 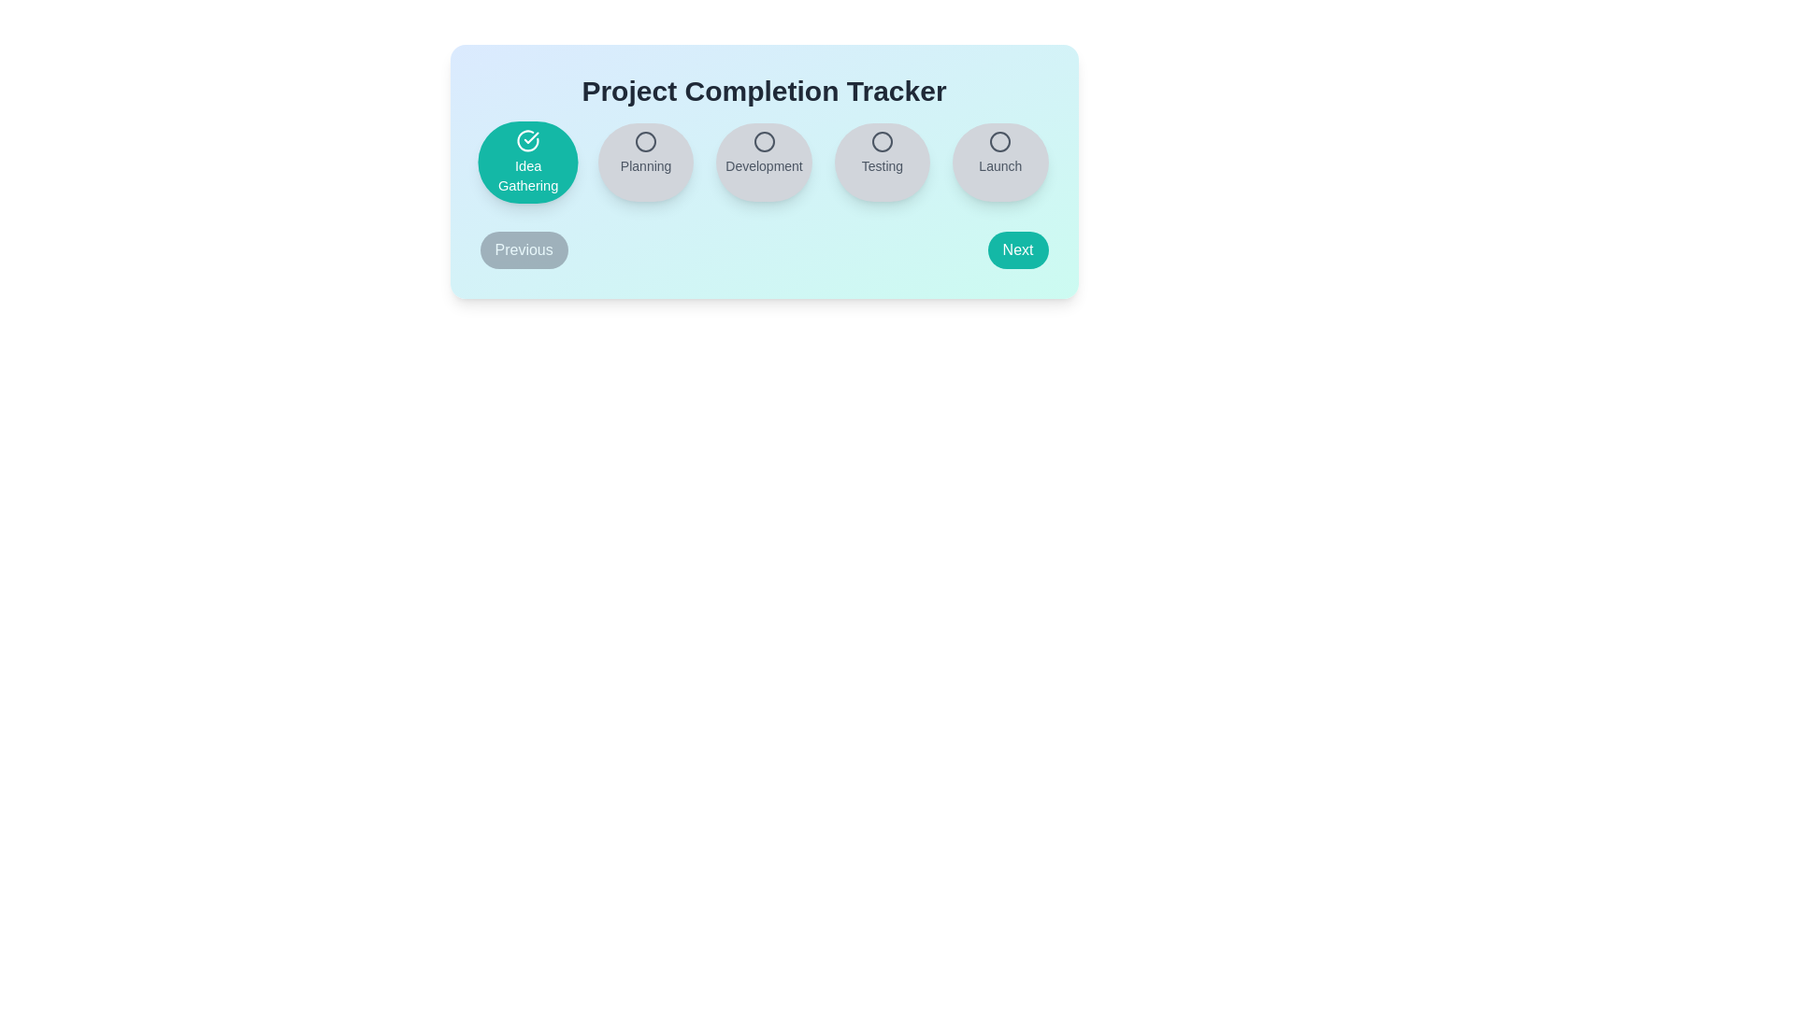 What do you see at coordinates (1017, 249) in the screenshot?
I see `the navigational button located at the lower right corner of the interface` at bounding box center [1017, 249].